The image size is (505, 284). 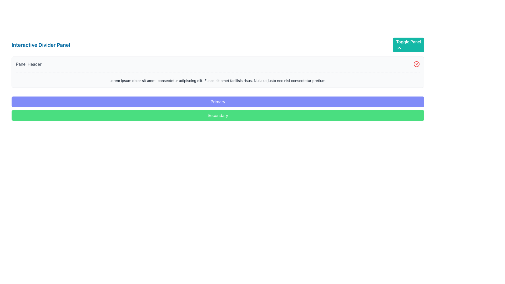 What do you see at coordinates (408, 44) in the screenshot?
I see `the teal-colored 'Toggle Panel' button with white text and an upward-pointing chevron icon` at bounding box center [408, 44].